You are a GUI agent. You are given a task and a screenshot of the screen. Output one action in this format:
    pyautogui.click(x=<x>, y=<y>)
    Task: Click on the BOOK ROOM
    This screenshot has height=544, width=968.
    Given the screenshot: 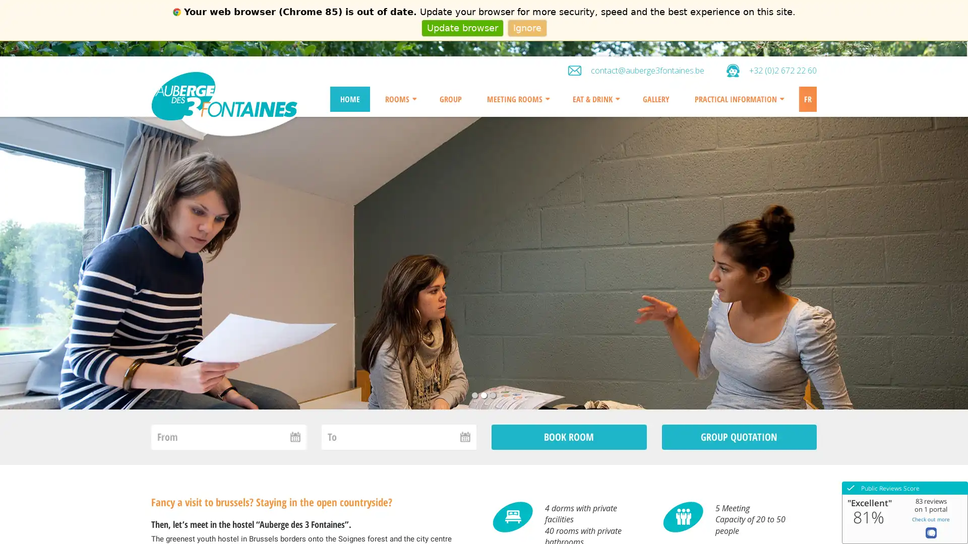 What is the action you would take?
    pyautogui.click(x=569, y=436)
    